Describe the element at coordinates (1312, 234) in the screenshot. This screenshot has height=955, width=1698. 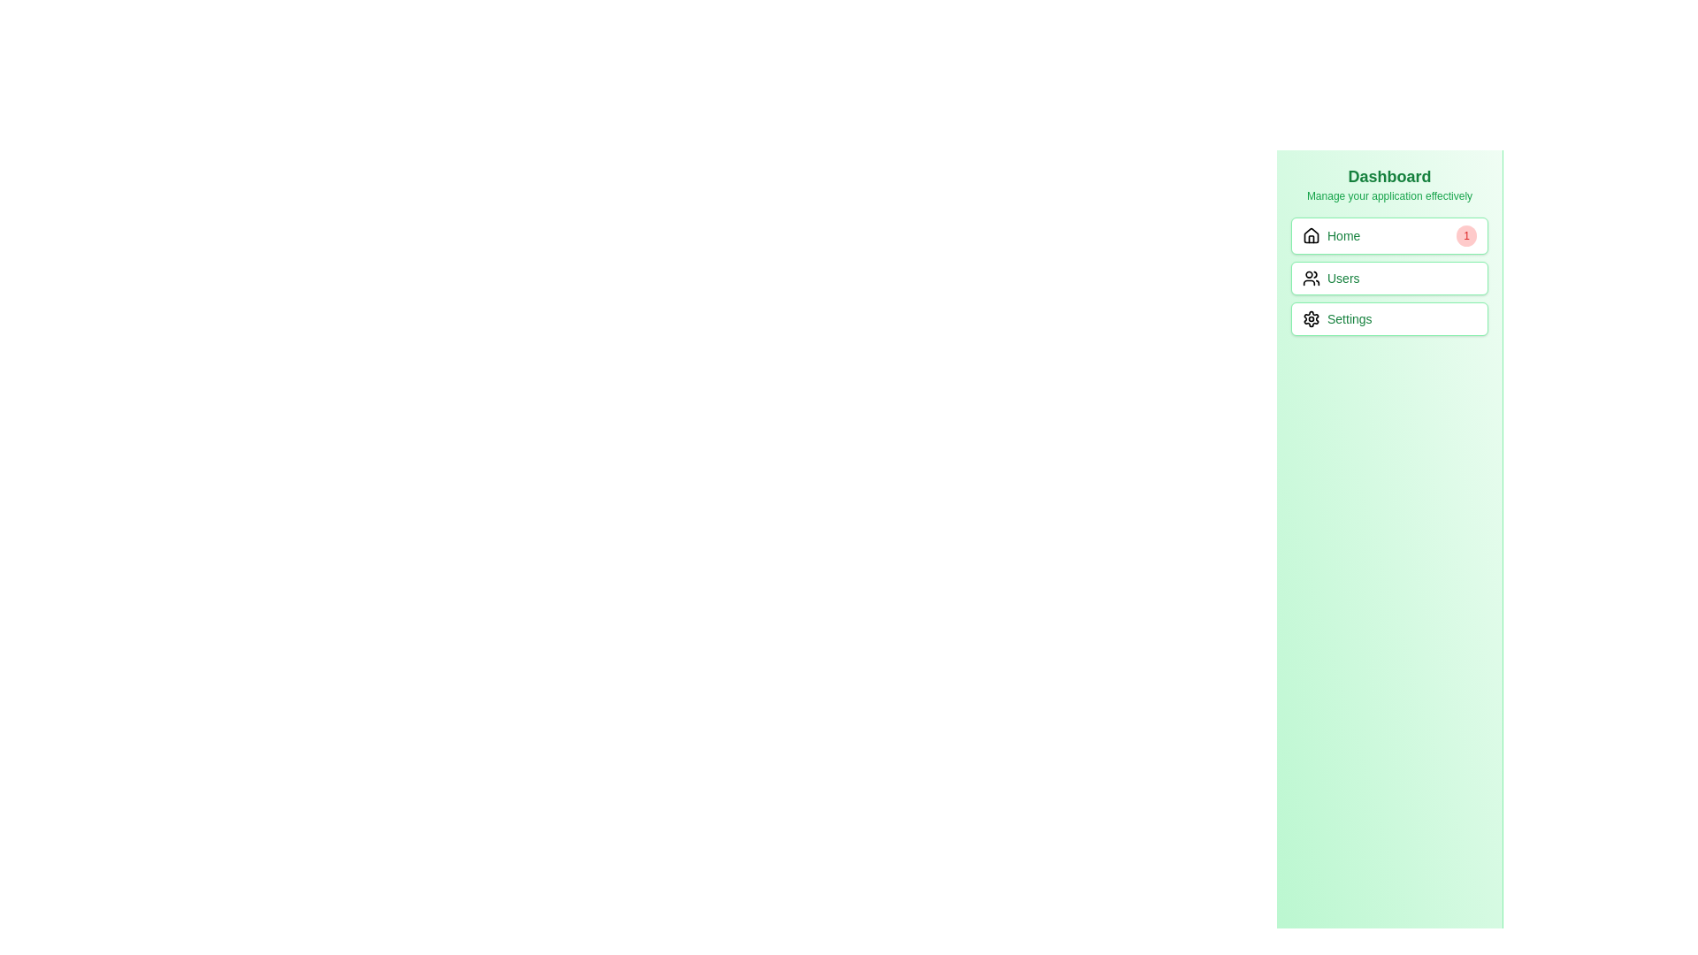
I see `the 'Home' navigation icon located in the vertical navigation menu by clicking on it` at that location.